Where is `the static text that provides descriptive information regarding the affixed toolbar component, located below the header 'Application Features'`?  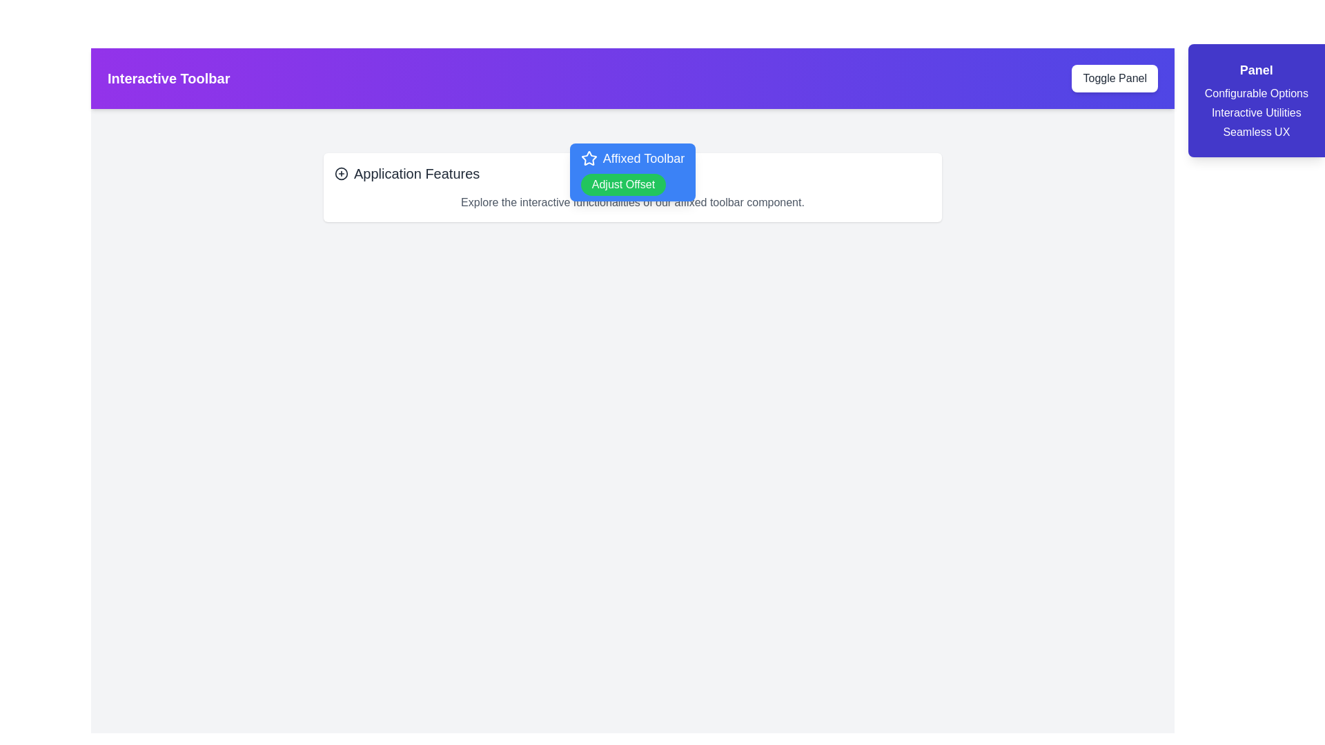
the static text that provides descriptive information regarding the affixed toolbar component, located below the header 'Application Features' is located at coordinates (631, 202).